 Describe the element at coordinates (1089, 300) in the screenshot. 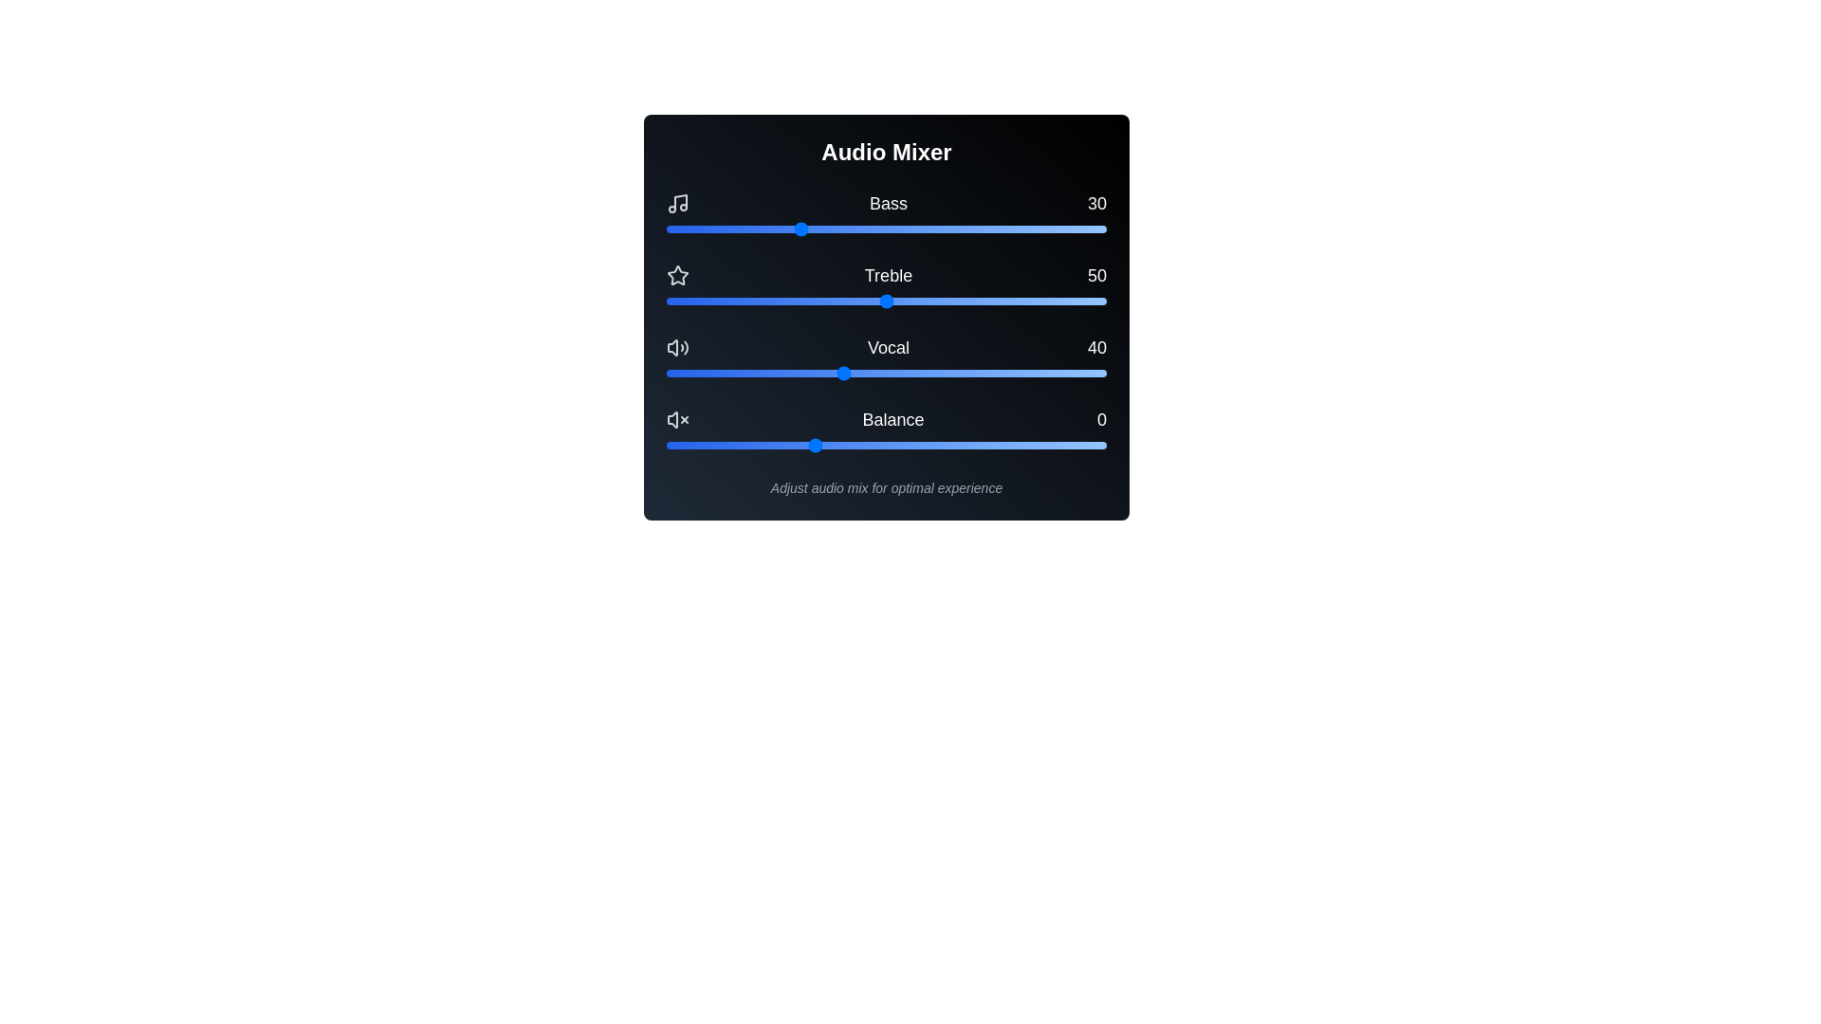

I see `the Treble slider to set the treble level to 96` at that location.